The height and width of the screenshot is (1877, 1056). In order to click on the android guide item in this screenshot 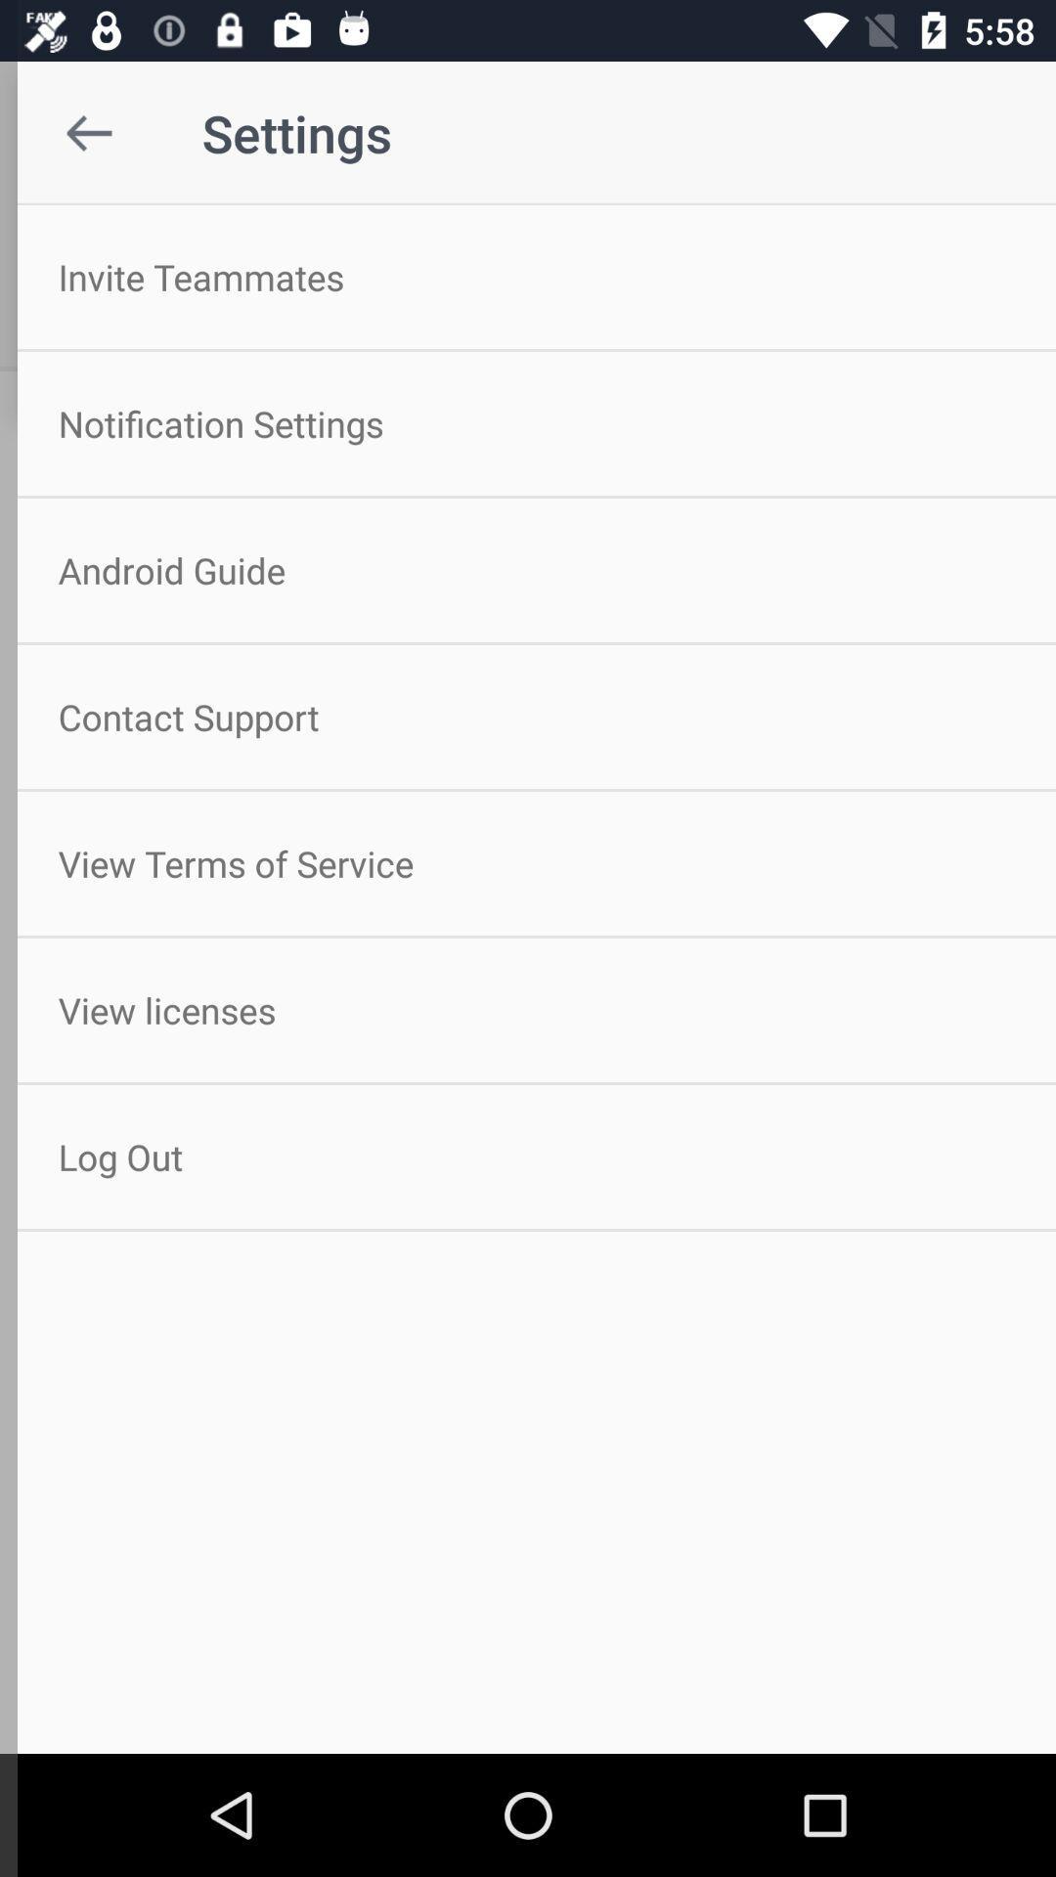, I will do `click(528, 569)`.